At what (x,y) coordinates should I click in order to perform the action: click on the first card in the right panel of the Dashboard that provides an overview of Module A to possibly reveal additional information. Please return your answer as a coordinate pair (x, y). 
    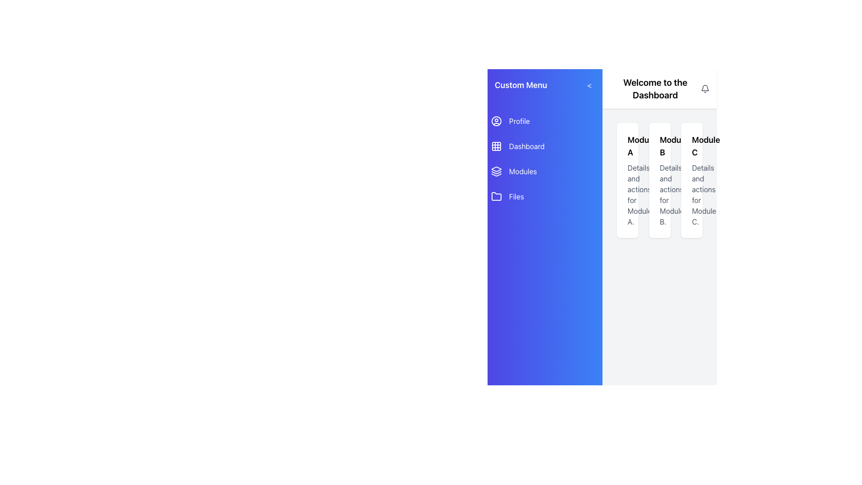
    Looking at the image, I should click on (627, 180).